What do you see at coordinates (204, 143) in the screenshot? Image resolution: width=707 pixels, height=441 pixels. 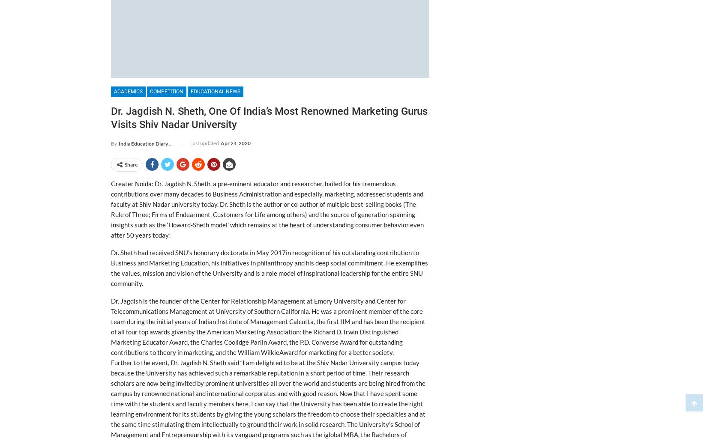 I see `'Last updated'` at bounding box center [204, 143].